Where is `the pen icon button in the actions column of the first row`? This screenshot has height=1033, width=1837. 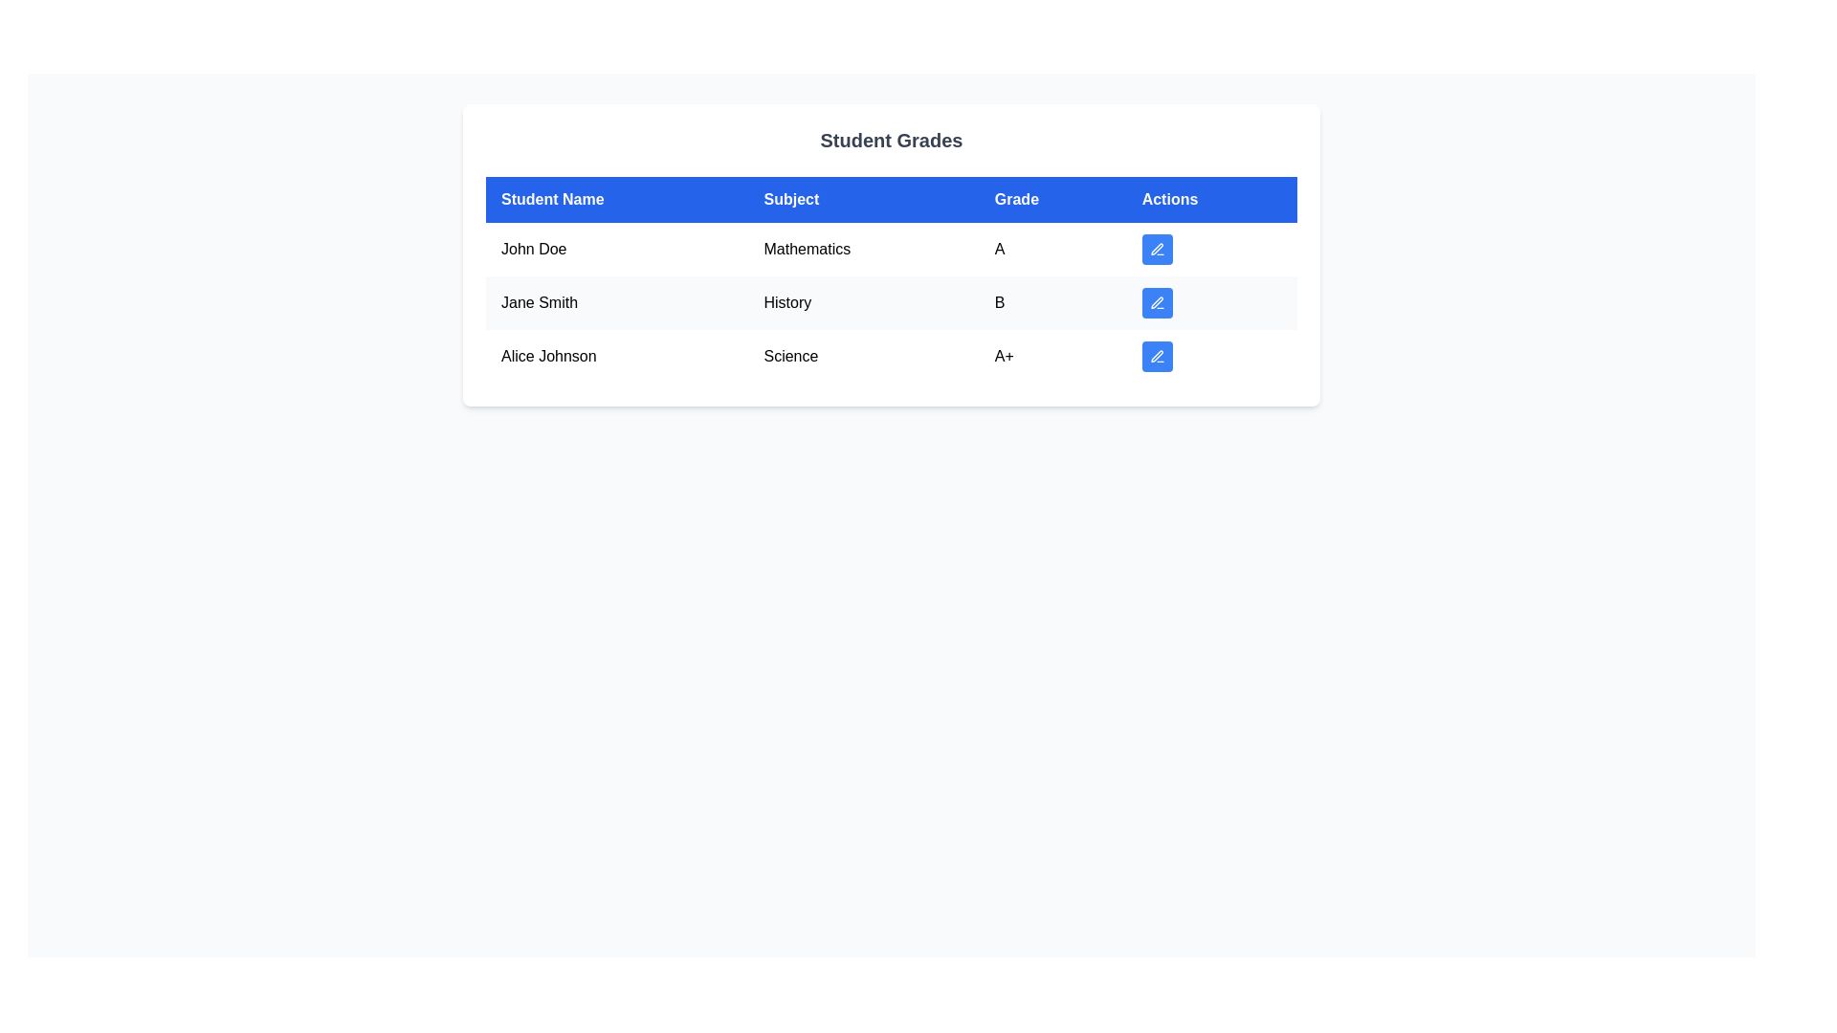
the pen icon button in the actions column of the first row is located at coordinates (1156, 247).